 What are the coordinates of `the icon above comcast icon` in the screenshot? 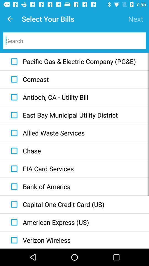 It's located at (72, 62).